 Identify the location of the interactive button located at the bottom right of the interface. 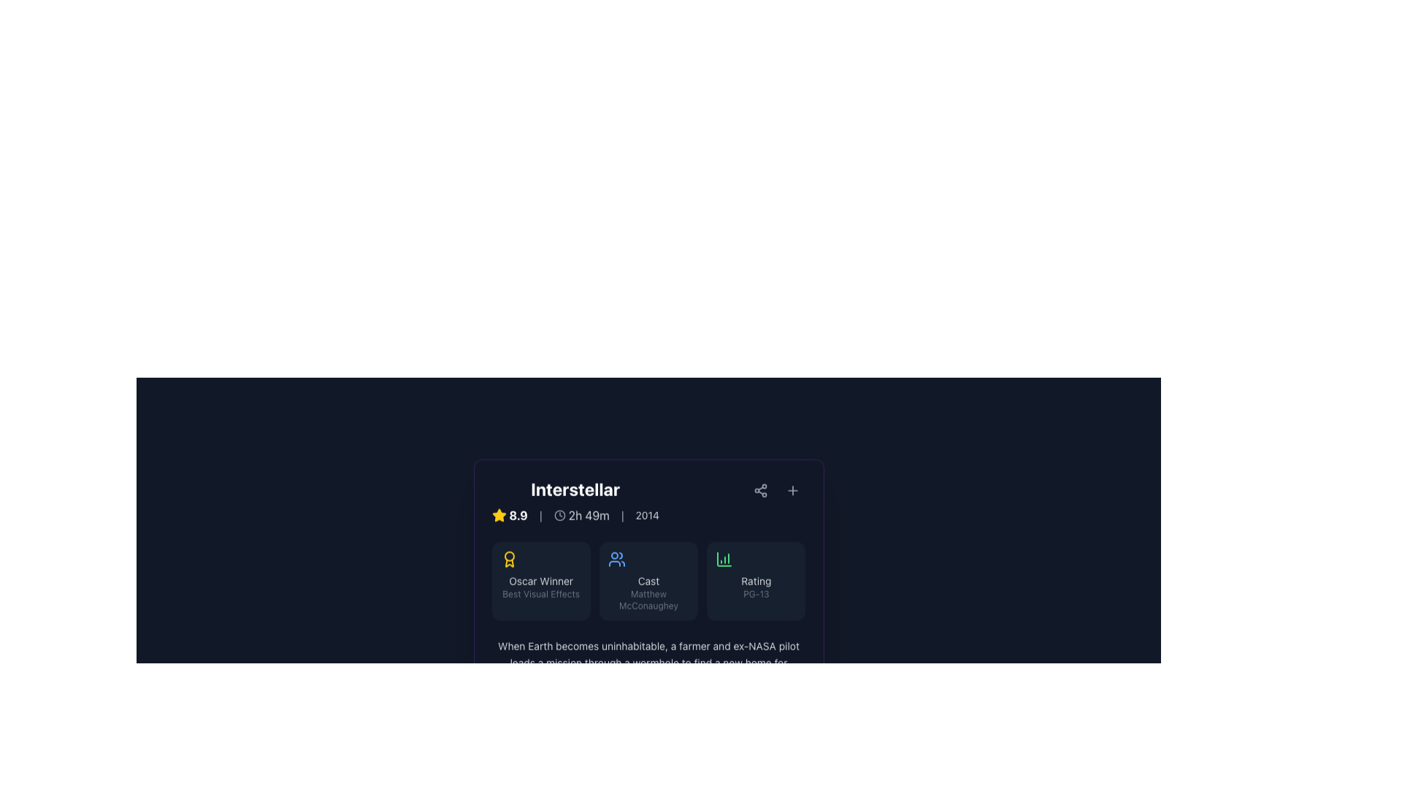
(759, 747).